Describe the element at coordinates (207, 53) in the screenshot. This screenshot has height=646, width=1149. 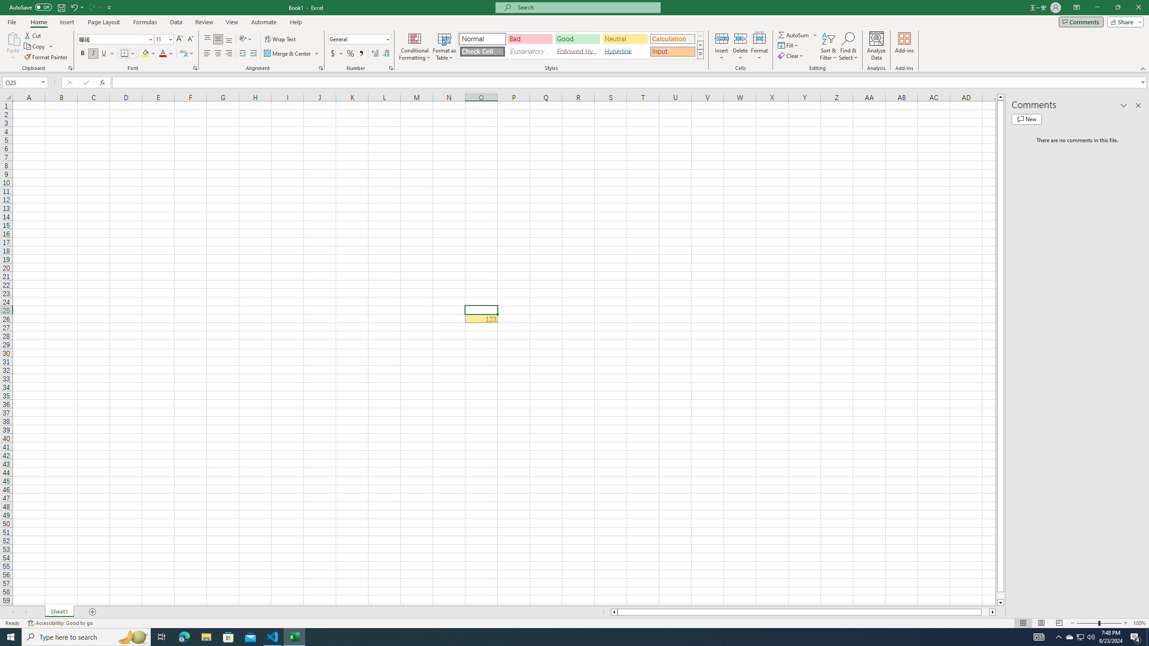
I see `'Align Left'` at that location.